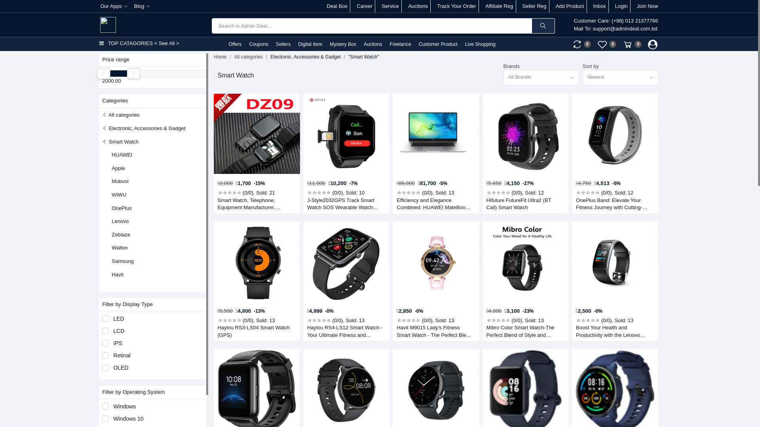 This screenshot has height=427, width=760. I want to click on 'Seller Reg', so click(534, 6).